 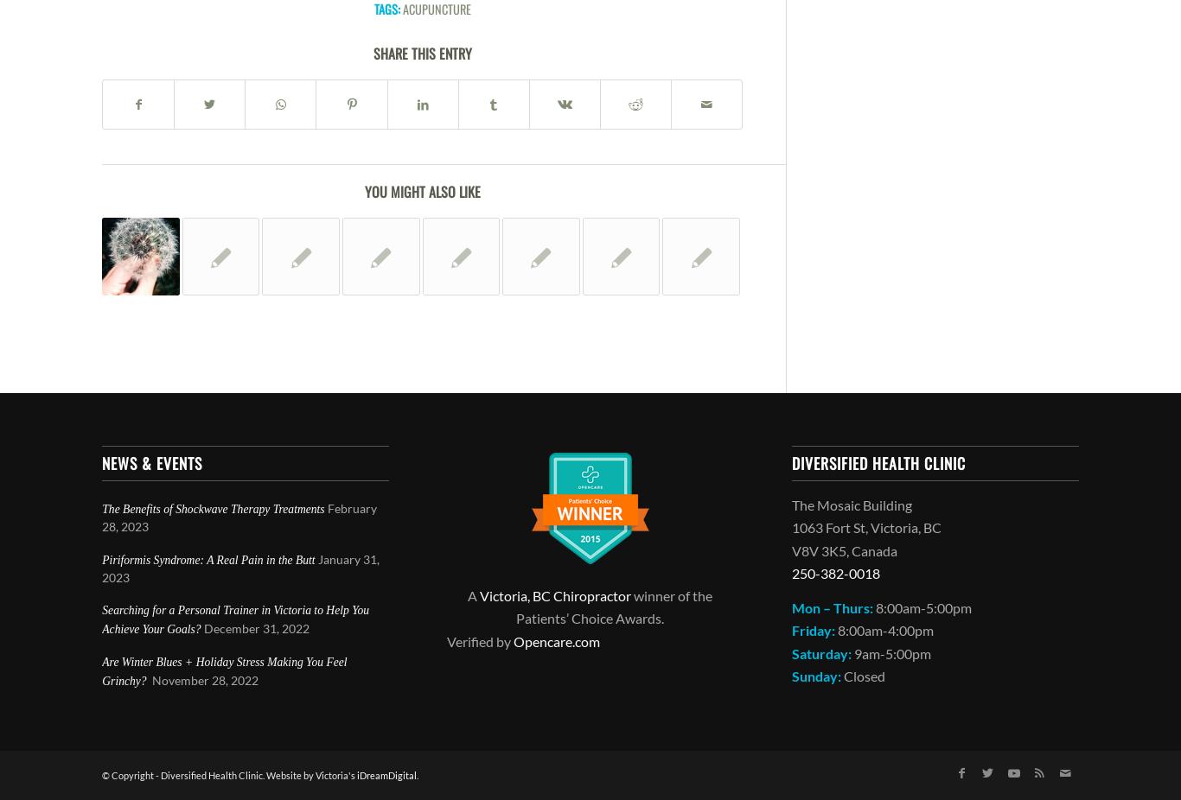 What do you see at coordinates (229, 775) in the screenshot?
I see `'© Copyright - Diversified Health Clinic. Website by Victoria's'` at bounding box center [229, 775].